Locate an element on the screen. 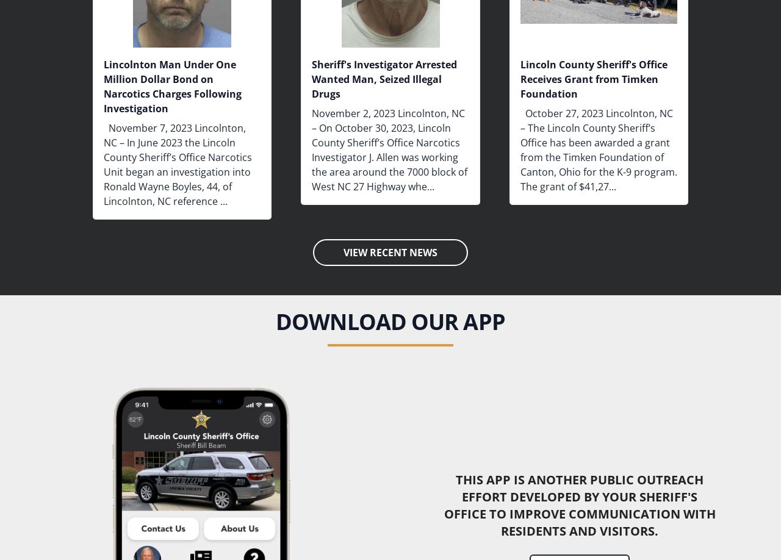 This screenshot has height=560, width=781. 'Lincolnton Man Under One Million Dollar Bond on Narcotics Charges Following Investigation' is located at coordinates (172, 85).